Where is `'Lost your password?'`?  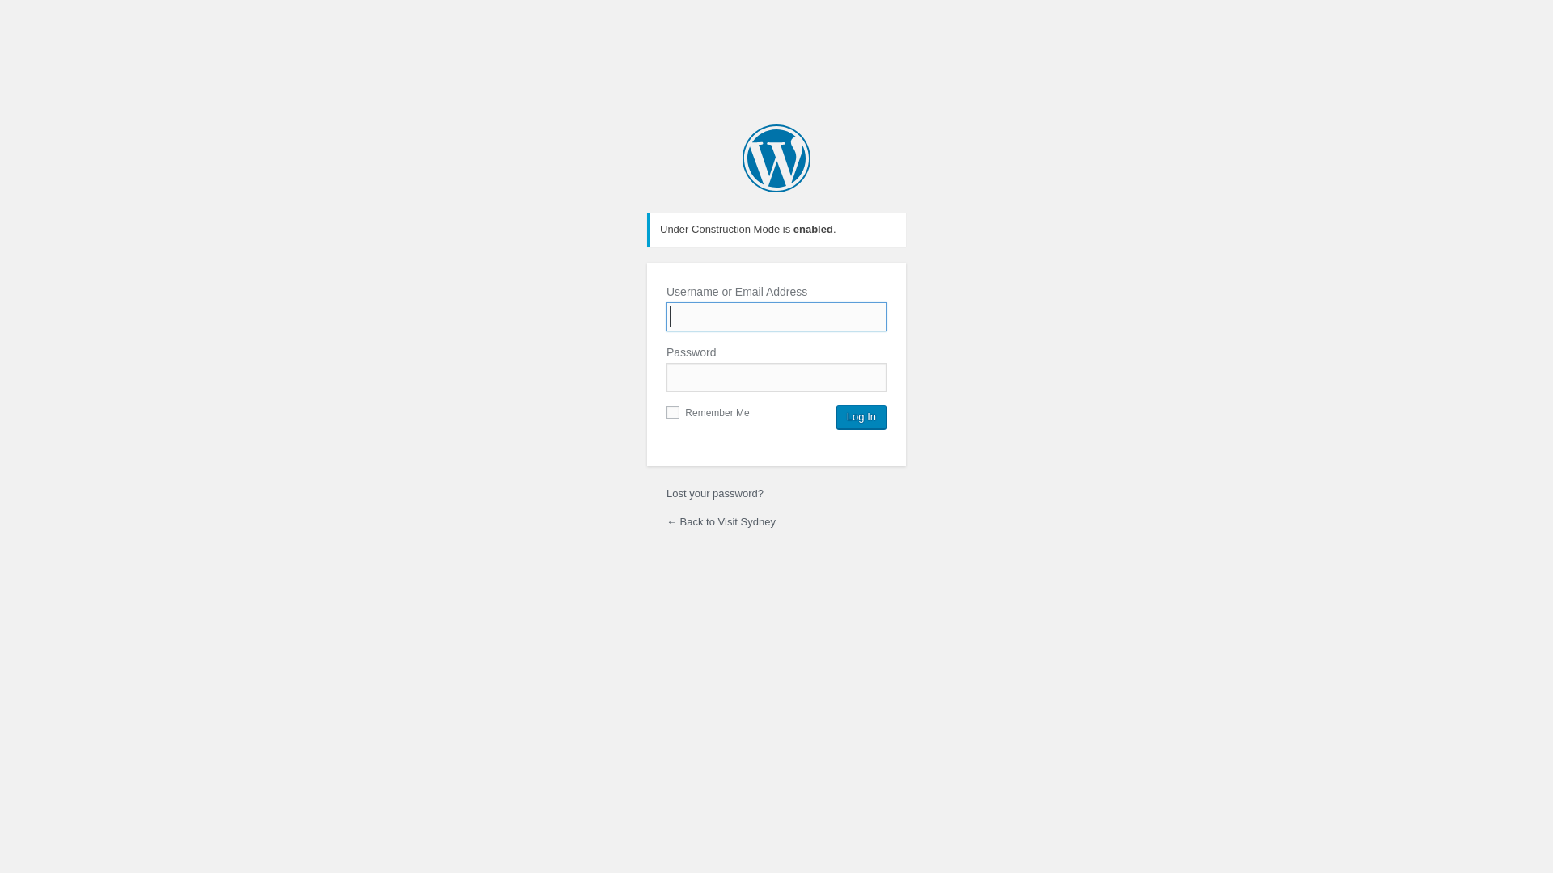
'Lost your password?' is located at coordinates (713, 492).